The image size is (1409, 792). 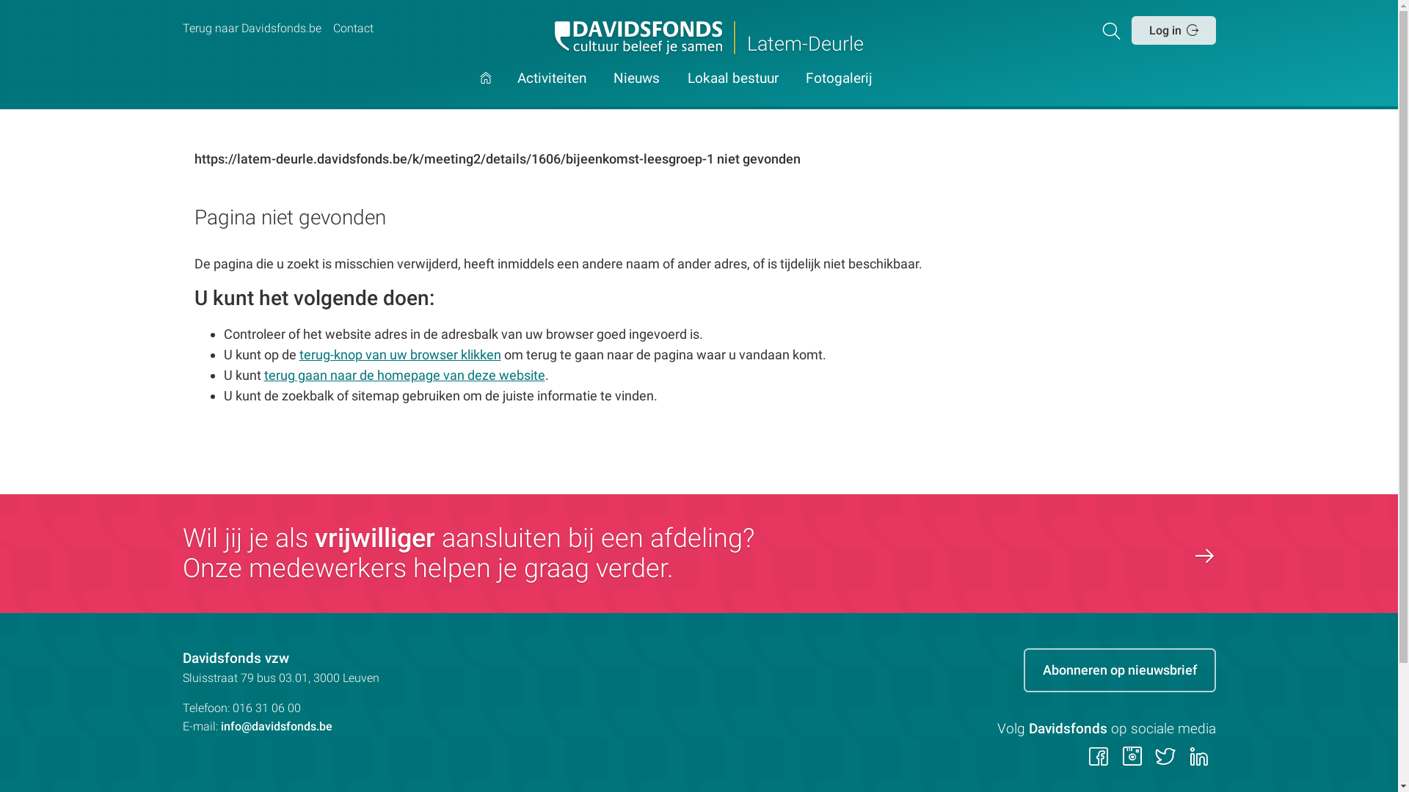 What do you see at coordinates (551, 90) in the screenshot?
I see `'Activiteiten'` at bounding box center [551, 90].